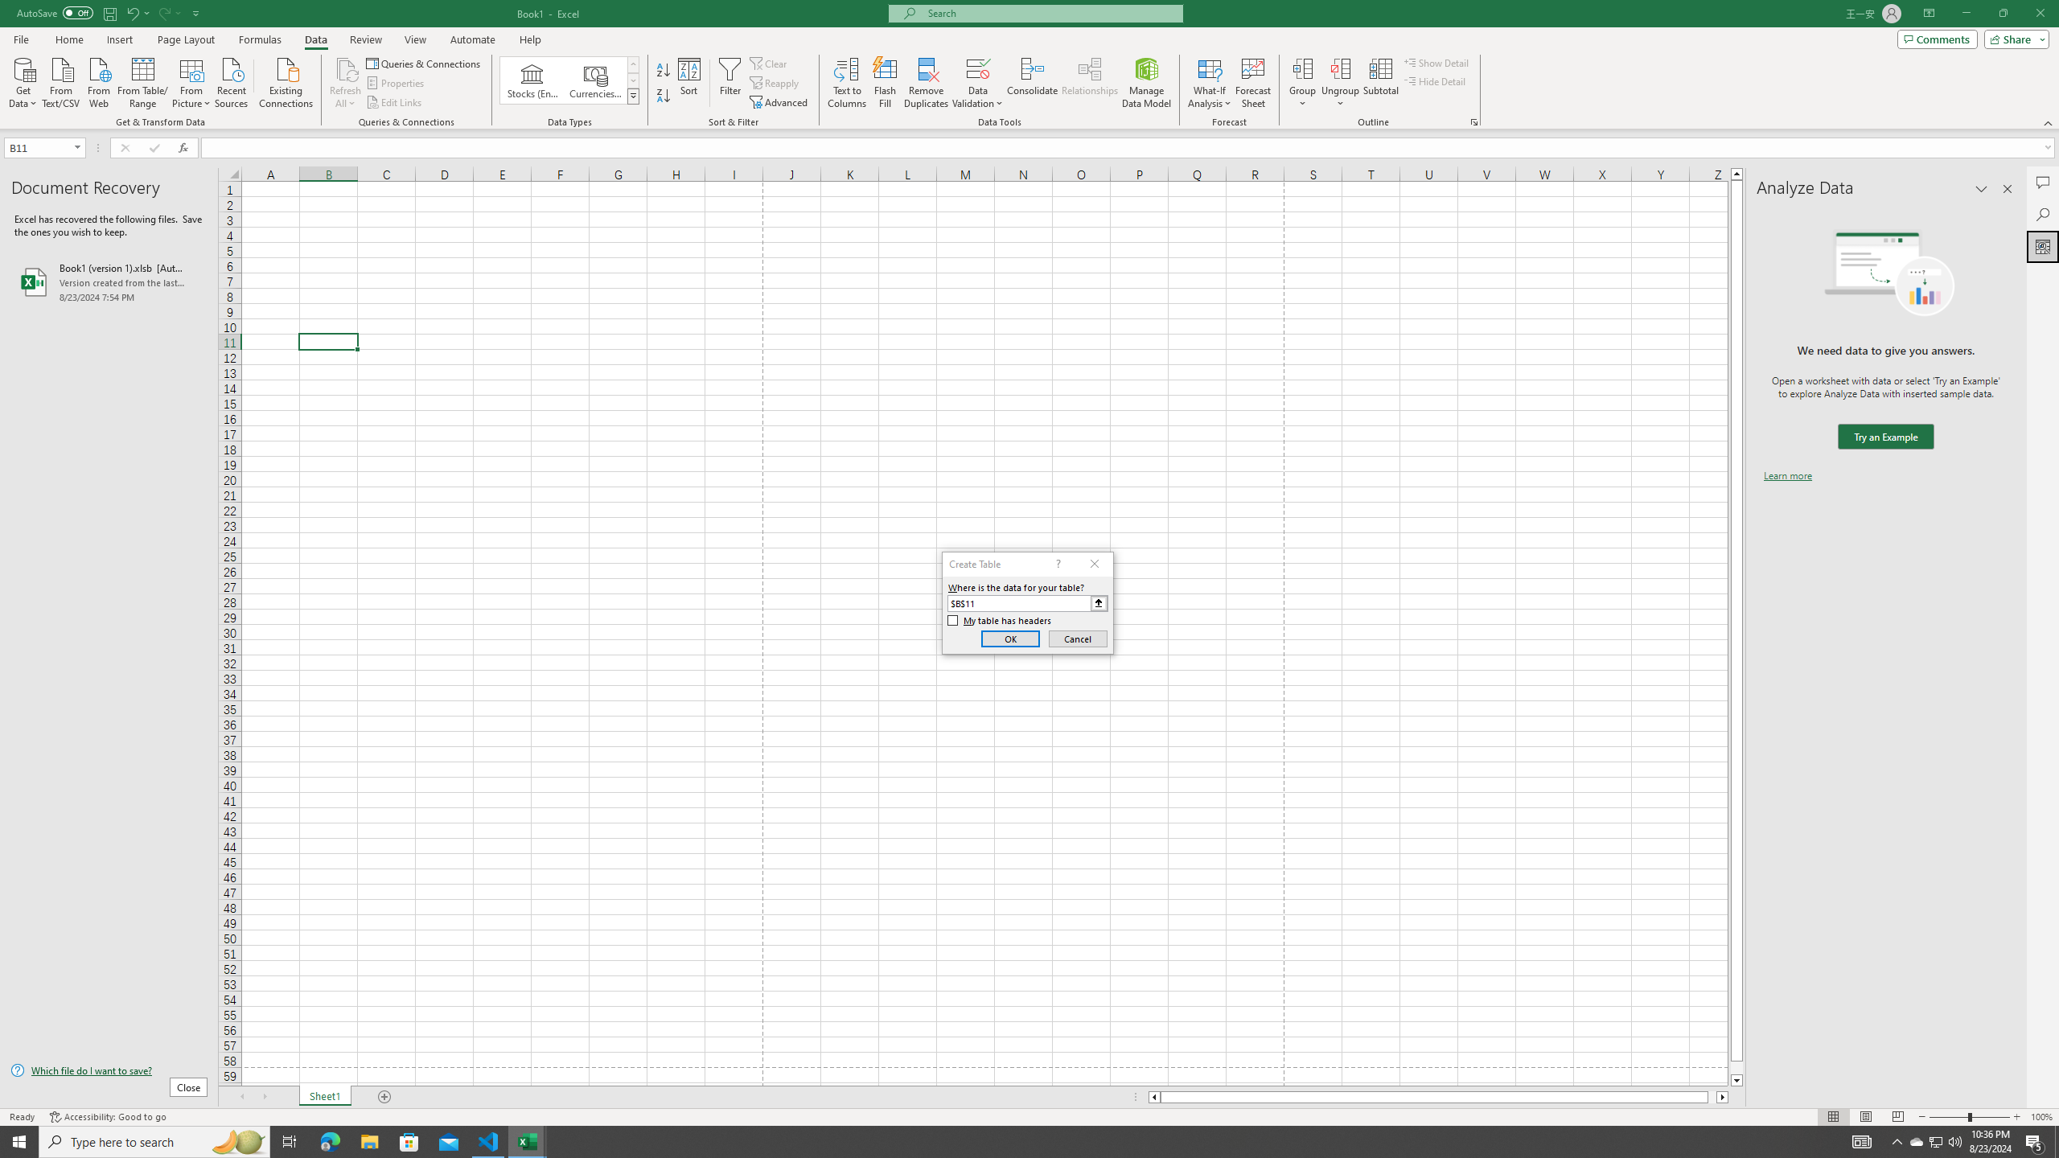 This screenshot has height=1158, width=2059. I want to click on 'Book1 (version 1).xlsb  [AutoRecovered]', so click(108, 281).